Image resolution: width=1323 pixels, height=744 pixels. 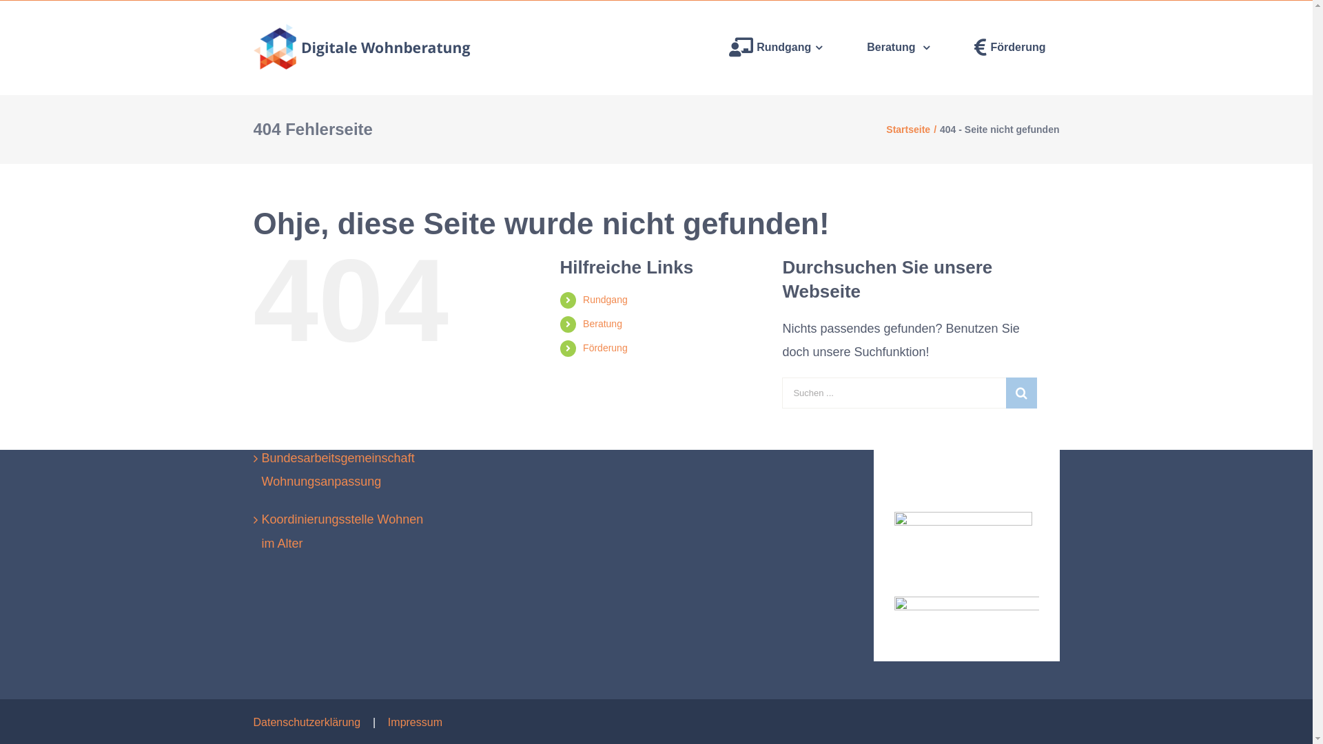 What do you see at coordinates (898, 47) in the screenshot?
I see `'Beratung'` at bounding box center [898, 47].